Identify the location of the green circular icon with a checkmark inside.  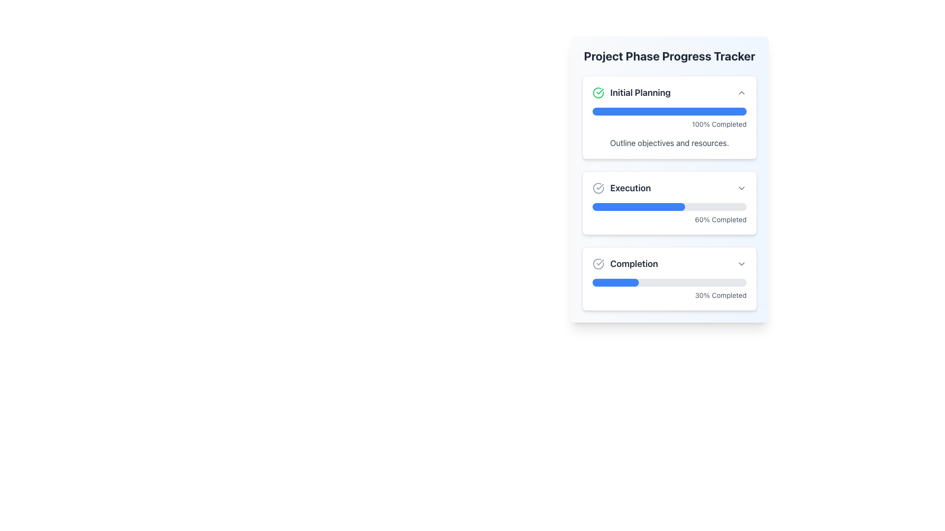
(598, 93).